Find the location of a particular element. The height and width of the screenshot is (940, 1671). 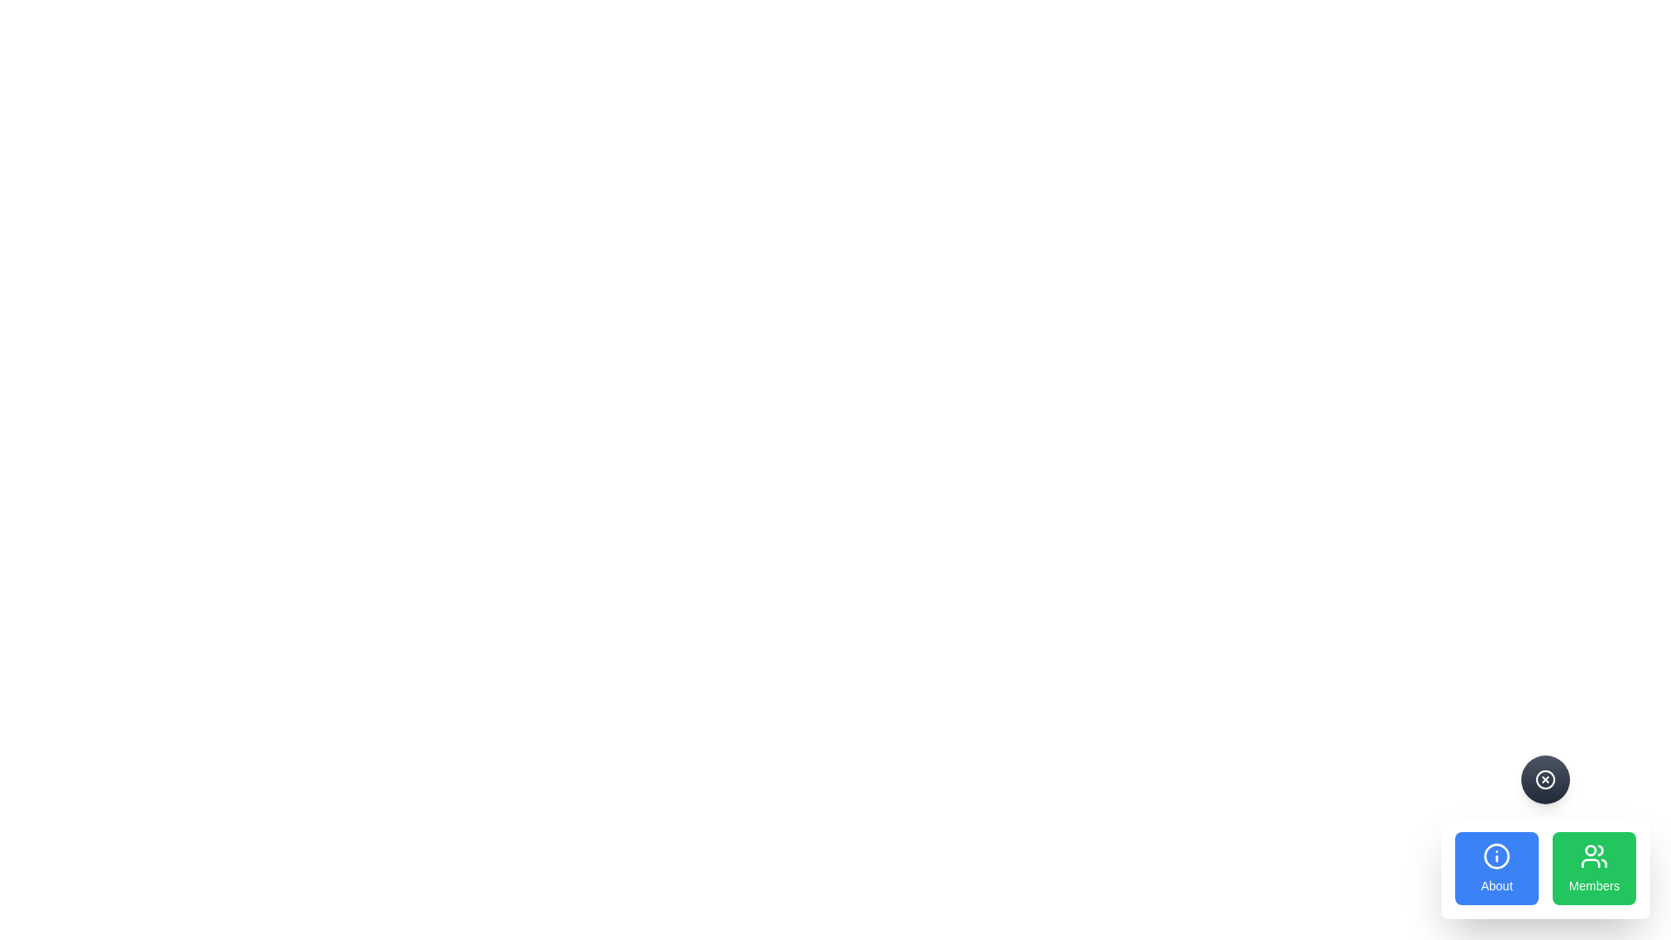

the upper-right curve of the second user figure in the SVG icon within the green 'Members' button located at the bottom-right of the interface is located at coordinates (1601, 849).